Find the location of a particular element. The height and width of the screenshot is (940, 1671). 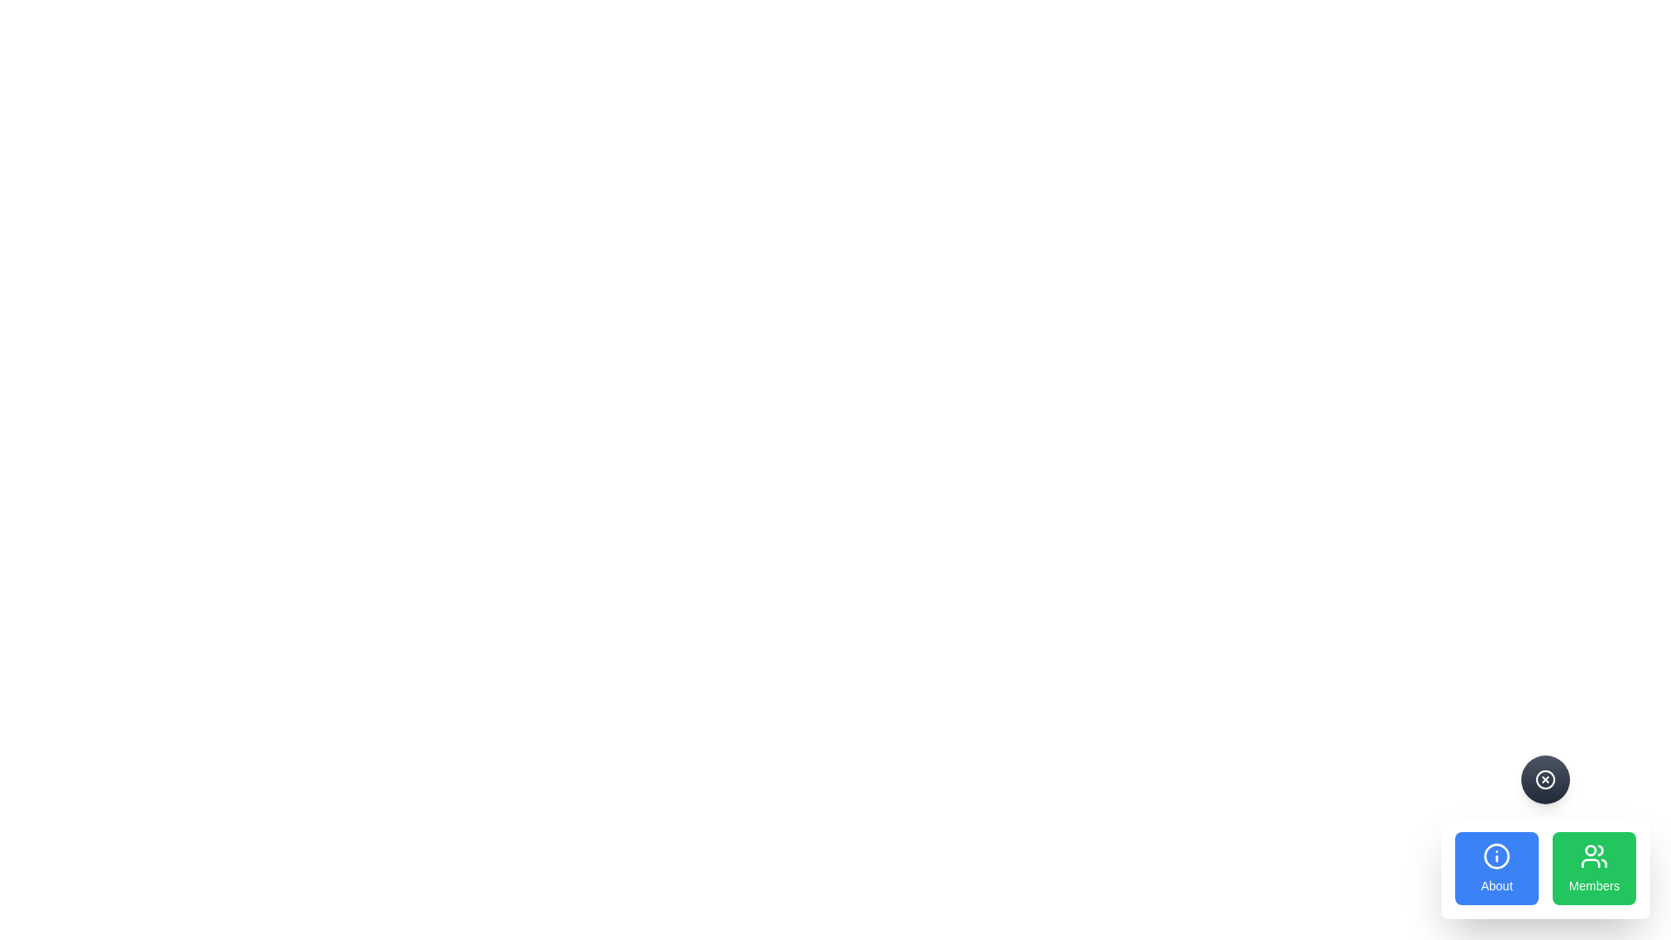

the upper-right curve of the second user figure in the SVG icon within the green 'Members' button located at the bottom-right of the interface is located at coordinates (1601, 849).